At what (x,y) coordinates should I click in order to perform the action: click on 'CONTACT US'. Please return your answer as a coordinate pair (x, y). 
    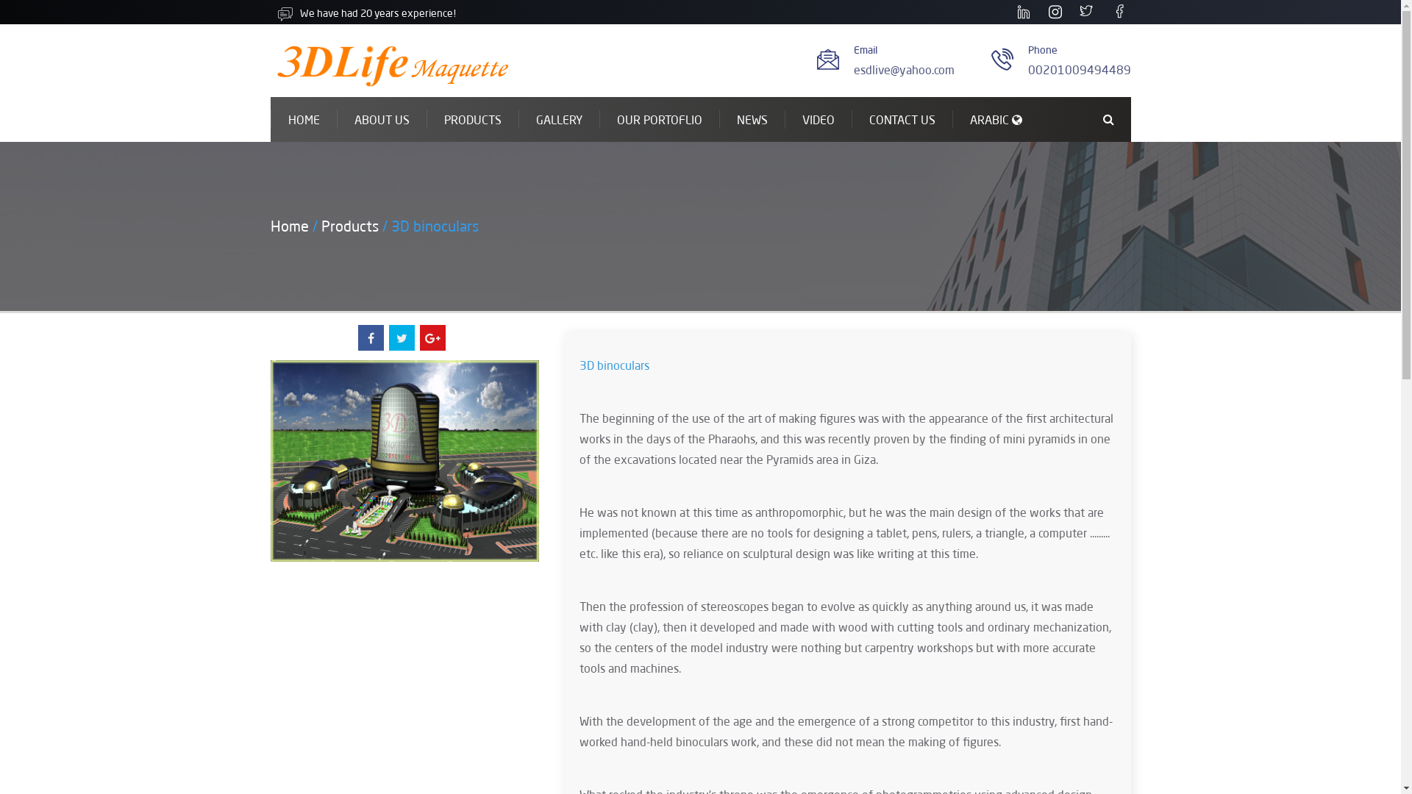
    Looking at the image, I should click on (901, 118).